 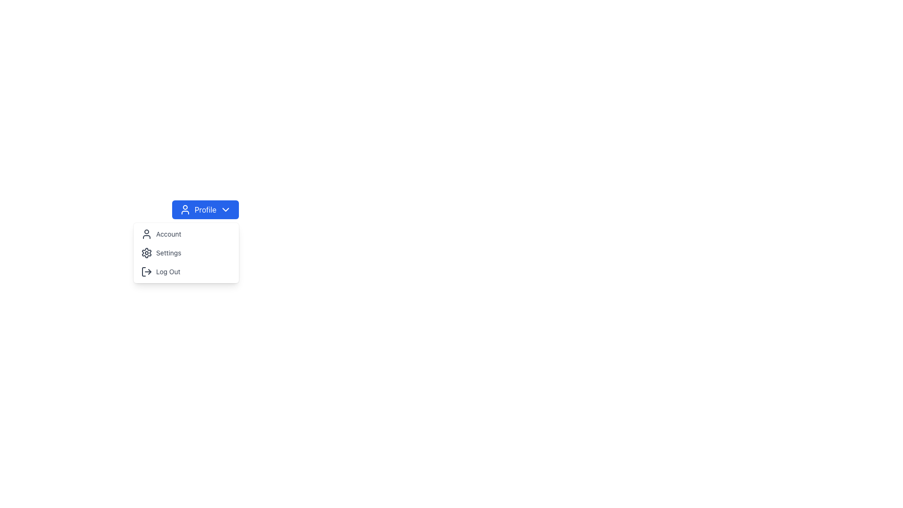 What do you see at coordinates (146, 272) in the screenshot?
I see `the 'Log Out' icon located beside the 'Log Out' text in the dropdown menu that appears after clicking the 'Profile' button to initiate logout` at bounding box center [146, 272].